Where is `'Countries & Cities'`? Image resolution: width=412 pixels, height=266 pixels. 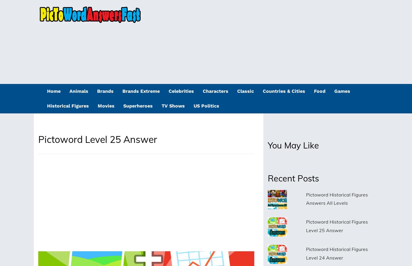 'Countries & Cities' is located at coordinates (284, 91).